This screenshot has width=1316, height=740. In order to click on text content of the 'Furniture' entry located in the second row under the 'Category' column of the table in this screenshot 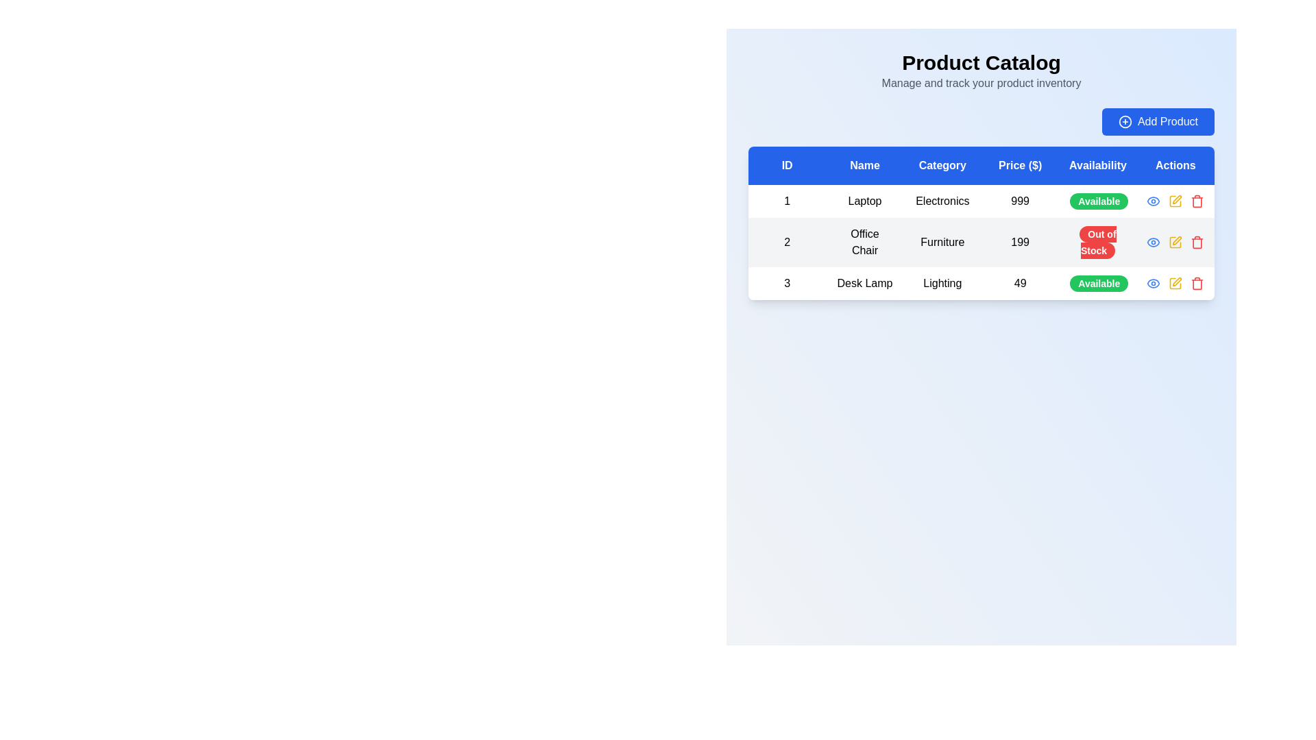, I will do `click(942, 242)`.